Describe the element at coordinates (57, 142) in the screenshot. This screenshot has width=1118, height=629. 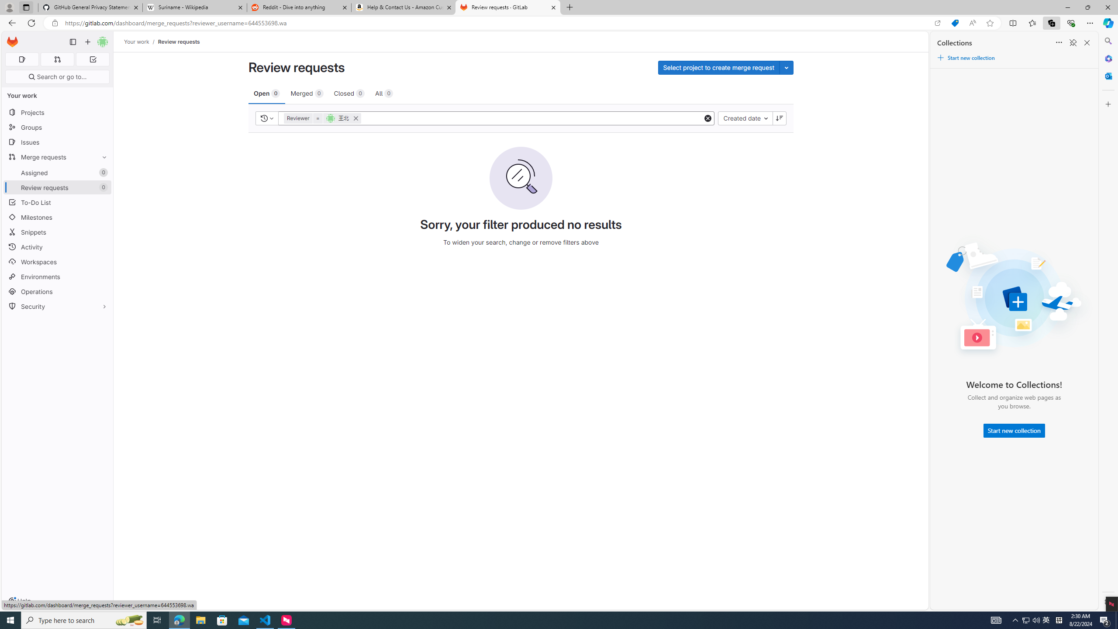
I see `'Issues'` at that location.